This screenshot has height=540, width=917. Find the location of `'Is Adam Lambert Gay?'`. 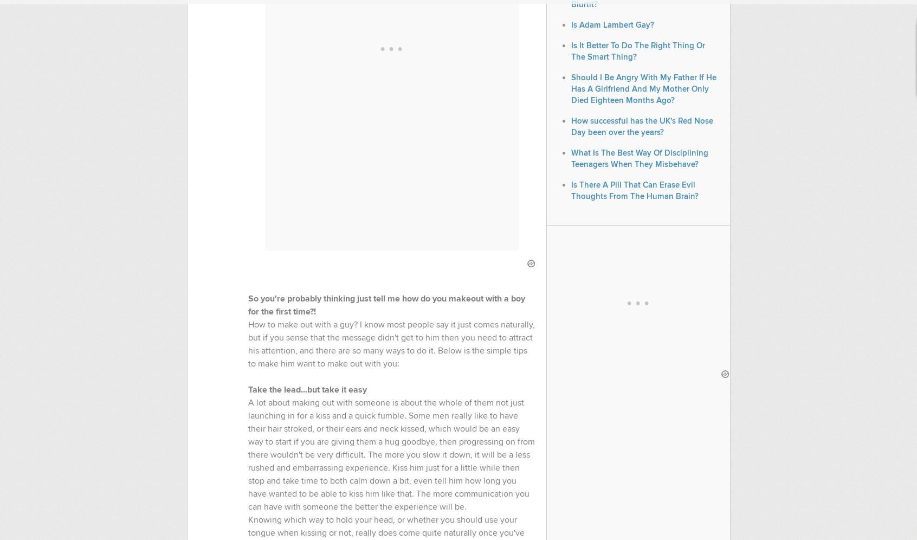

'Is Adam Lambert Gay?' is located at coordinates (611, 24).